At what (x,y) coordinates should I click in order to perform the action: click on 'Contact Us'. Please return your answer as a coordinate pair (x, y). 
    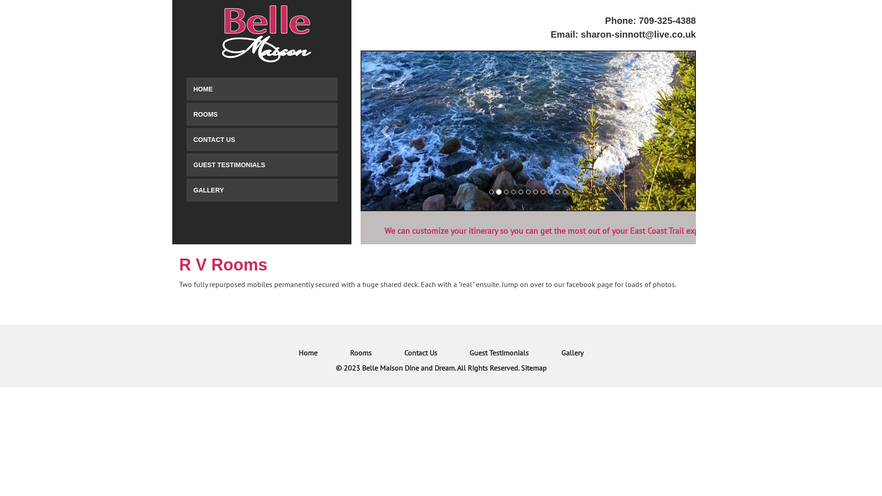
    Looking at the image, I should click on (420, 352).